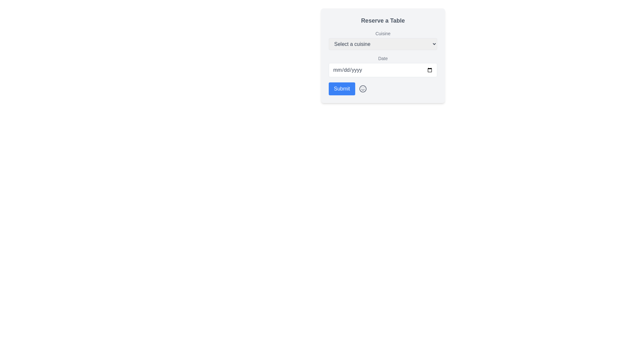 This screenshot has width=620, height=349. Describe the element at coordinates (383, 20) in the screenshot. I see `the text header 'Reserve a Table' which is styled with bold, large-sized gray font and positioned at the top of a card-like section` at that location.